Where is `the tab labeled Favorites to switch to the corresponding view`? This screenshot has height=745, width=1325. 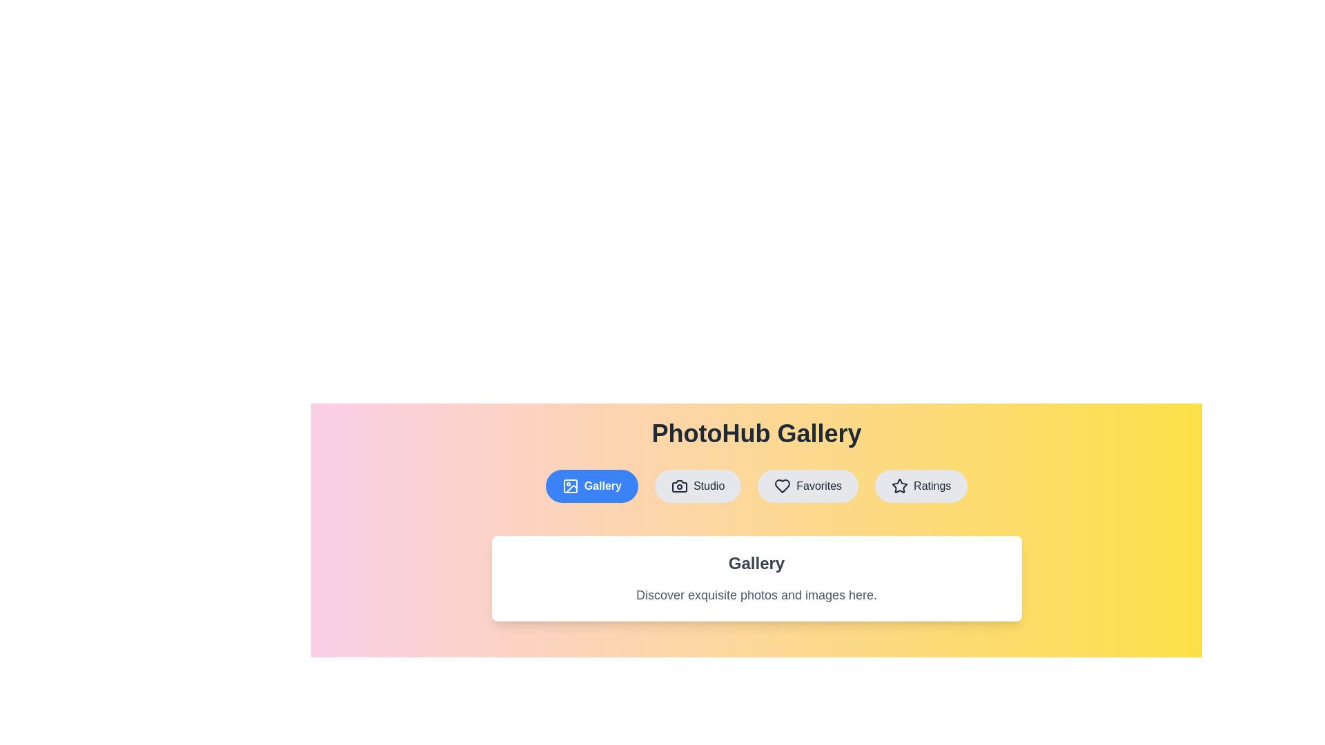
the tab labeled Favorites to switch to the corresponding view is located at coordinates (808, 486).